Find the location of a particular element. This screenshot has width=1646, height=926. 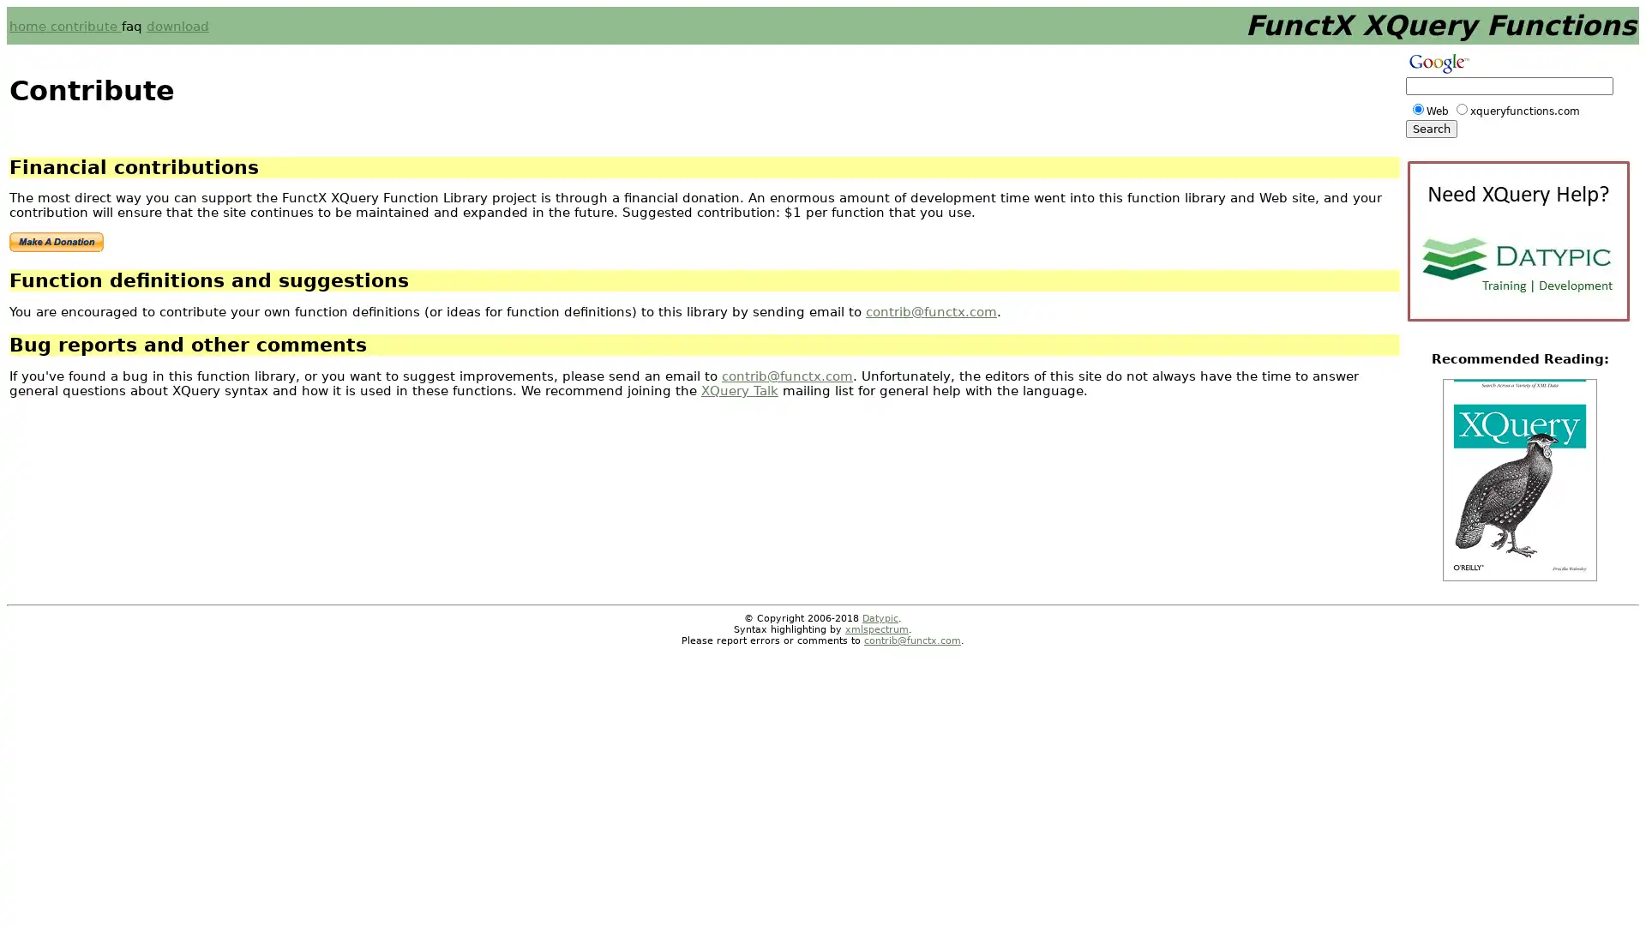

Make payments with PayPal - it's fast, free and secure! is located at coordinates (57, 241).